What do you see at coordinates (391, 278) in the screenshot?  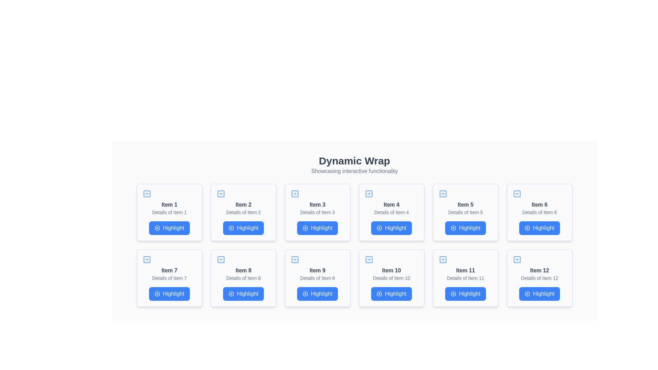 I see `the 'Highlight' button on the interactive card labeled 'Item 10', which is located in the second row of a grid layout, specifically the fourth card from the left` at bounding box center [391, 278].